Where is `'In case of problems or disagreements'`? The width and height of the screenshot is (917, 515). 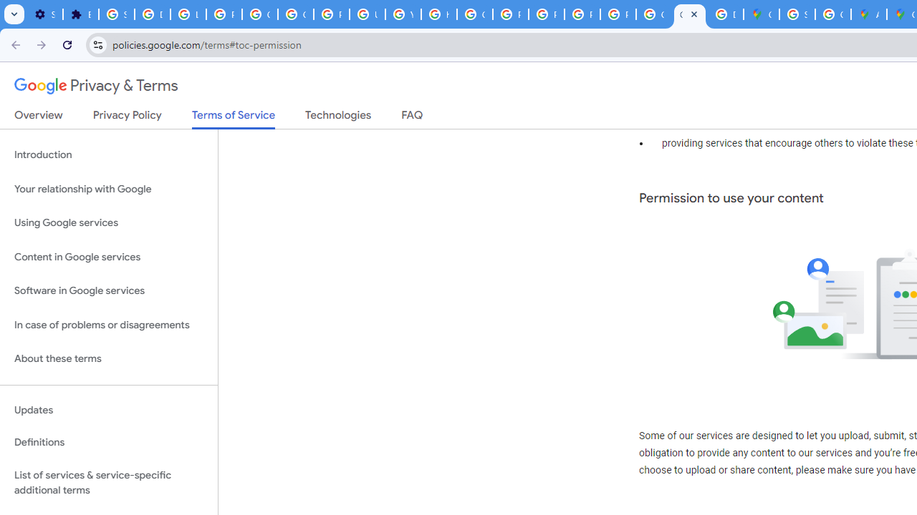
'In case of problems or disagreements' is located at coordinates (108, 325).